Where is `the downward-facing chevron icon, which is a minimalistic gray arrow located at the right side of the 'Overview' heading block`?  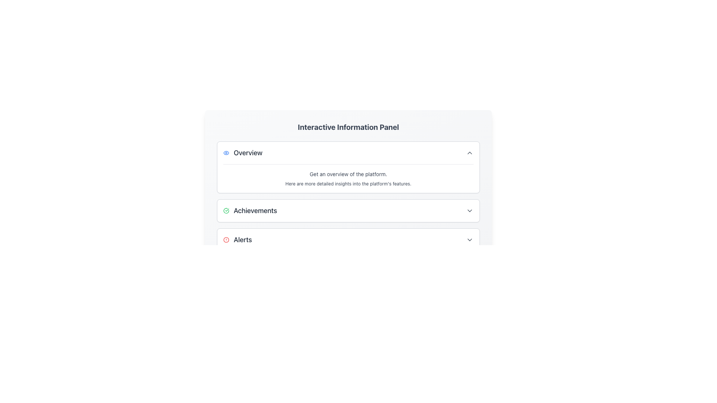 the downward-facing chevron icon, which is a minimalistic gray arrow located at the right side of the 'Overview' heading block is located at coordinates (469, 152).